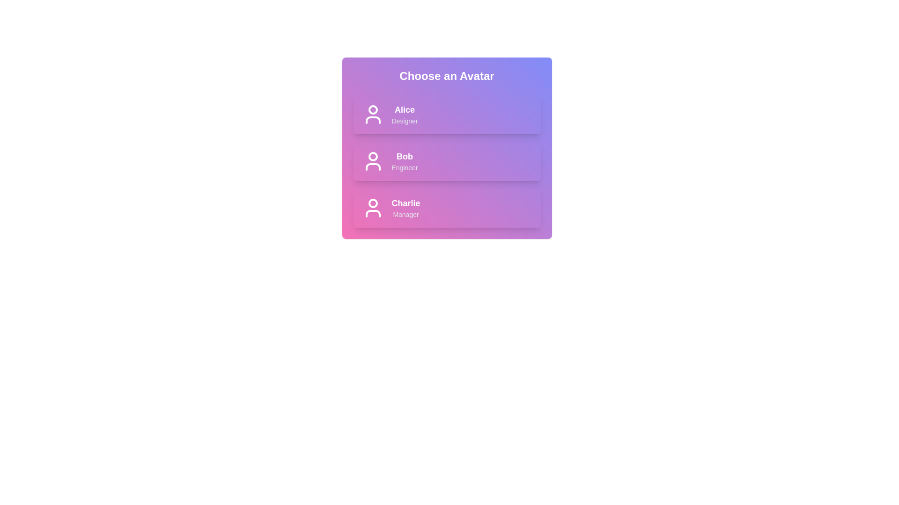 The image size is (899, 505). I want to click on the text label displaying 'Alice' as a name and 'Designer' as a title, so click(405, 114).